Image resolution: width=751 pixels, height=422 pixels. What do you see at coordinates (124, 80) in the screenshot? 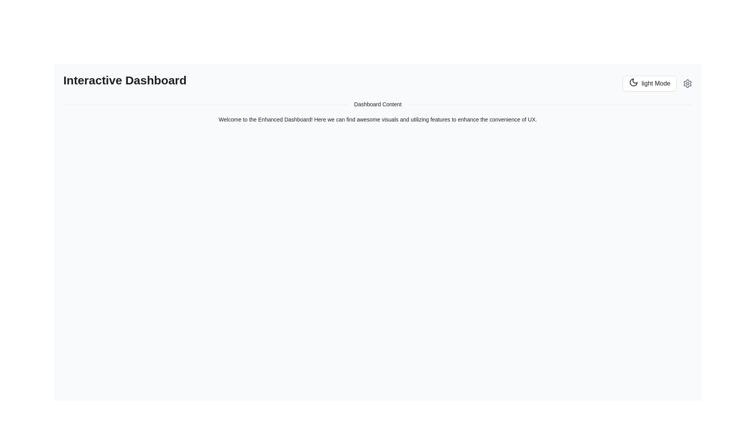
I see `the Text label at the upper-left corner of the dashboard interface, which serves as the title or heading for the current page` at bounding box center [124, 80].